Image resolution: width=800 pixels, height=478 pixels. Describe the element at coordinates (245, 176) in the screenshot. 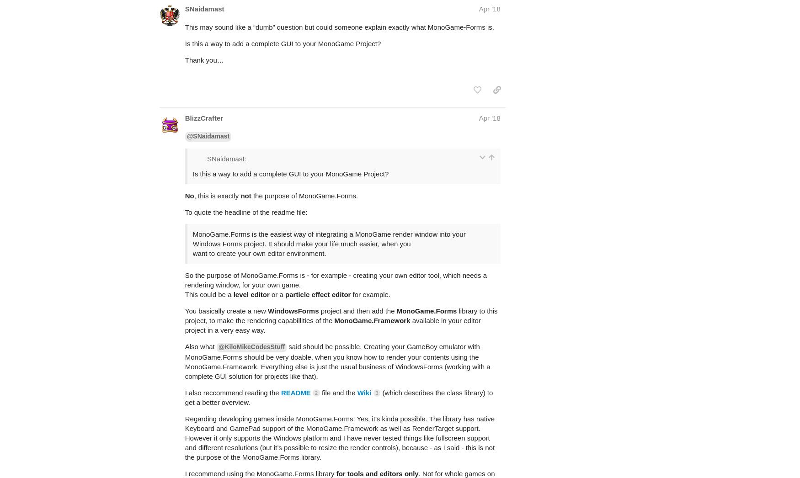

I see `'To quote the headline of the readme file:'` at that location.